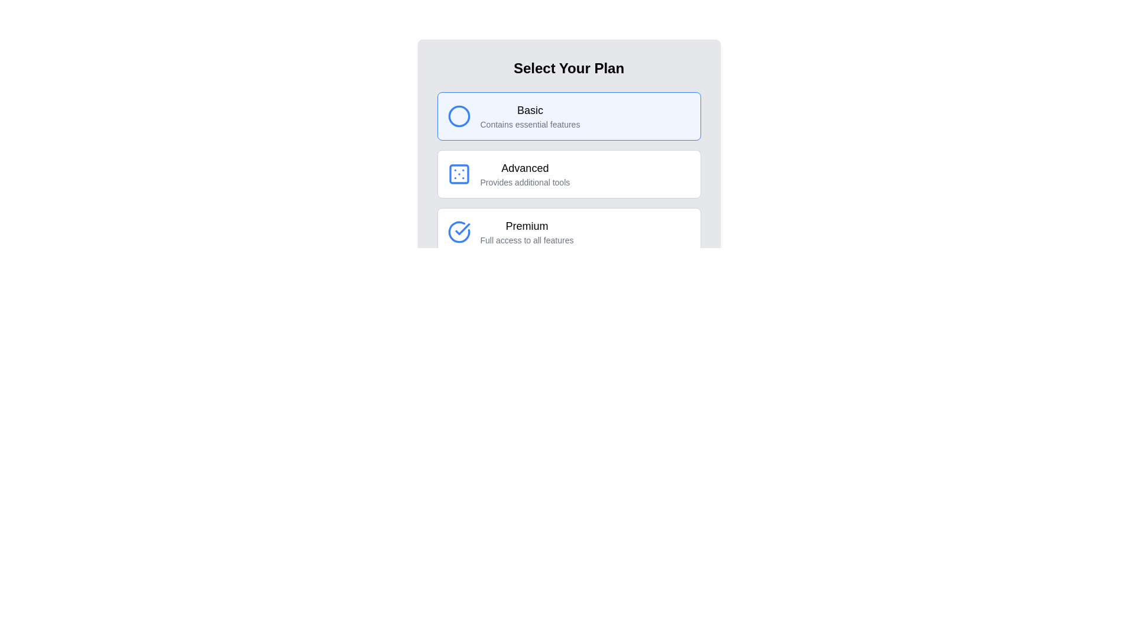  What do you see at coordinates (526, 226) in the screenshot?
I see `text label that identifies the plan category as 'Premium', which is positioned above the plan's description text within the third plan option` at bounding box center [526, 226].